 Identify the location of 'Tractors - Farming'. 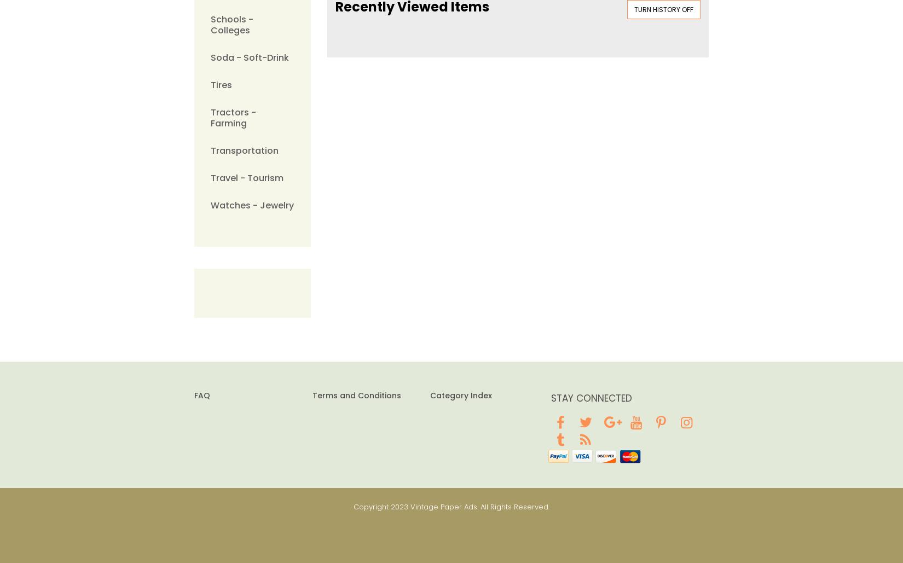
(233, 118).